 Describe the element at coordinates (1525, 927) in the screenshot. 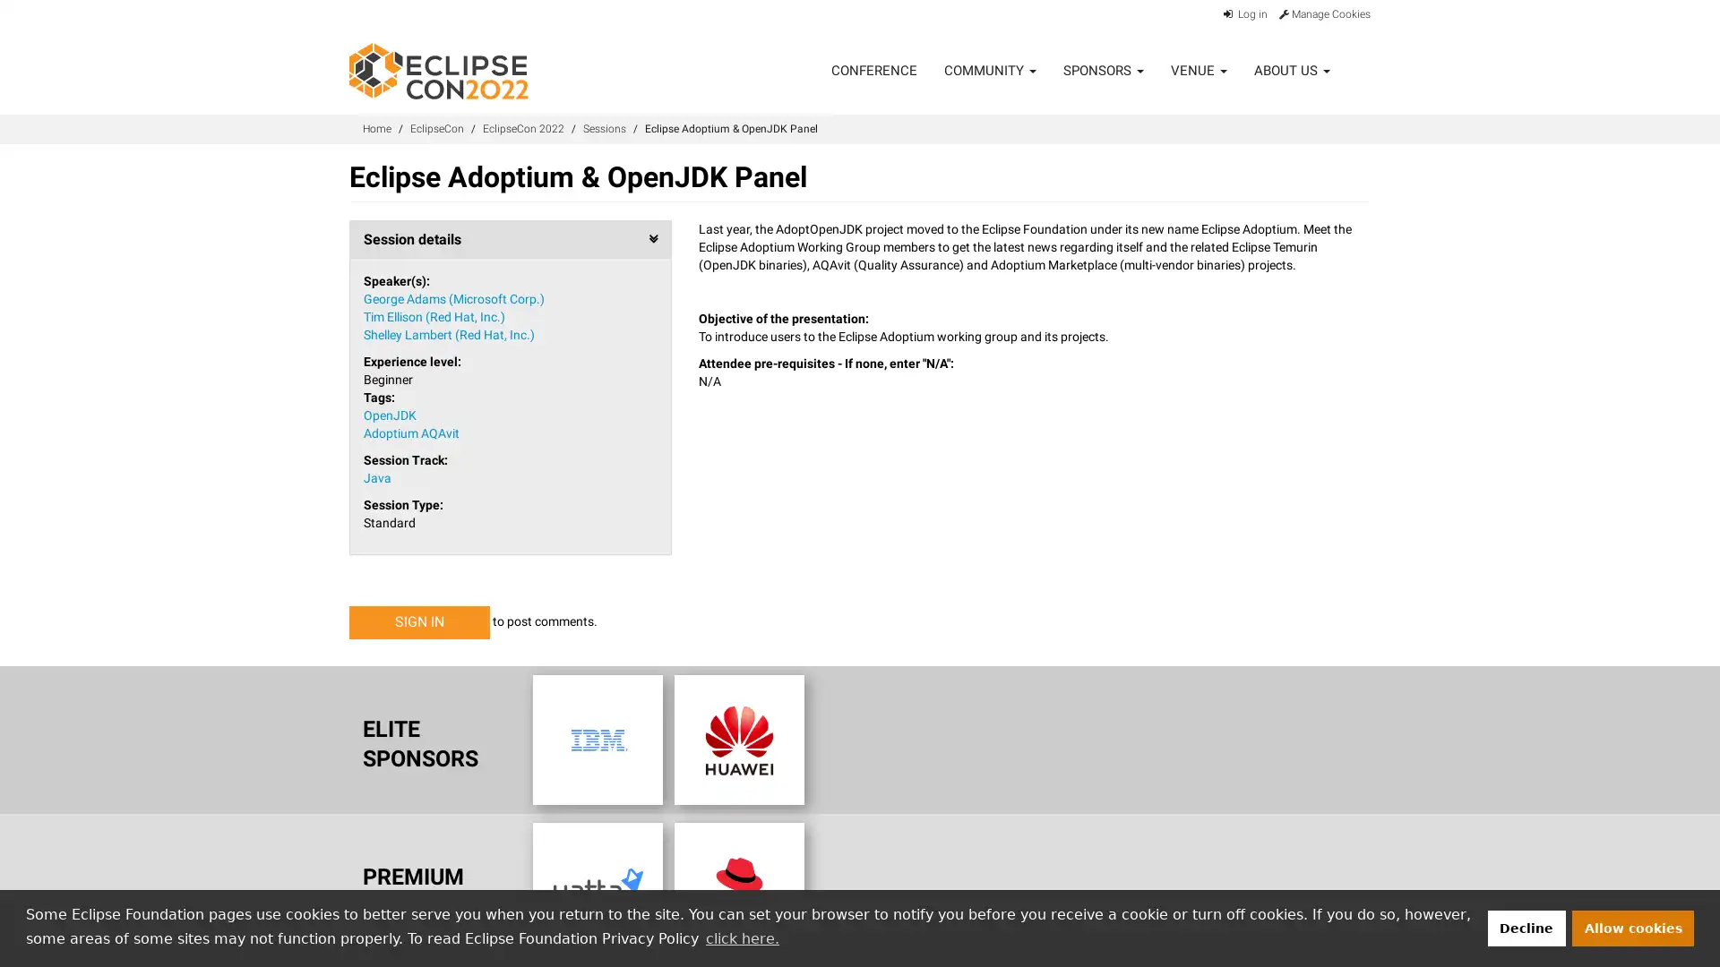

I see `deny cookies` at that location.